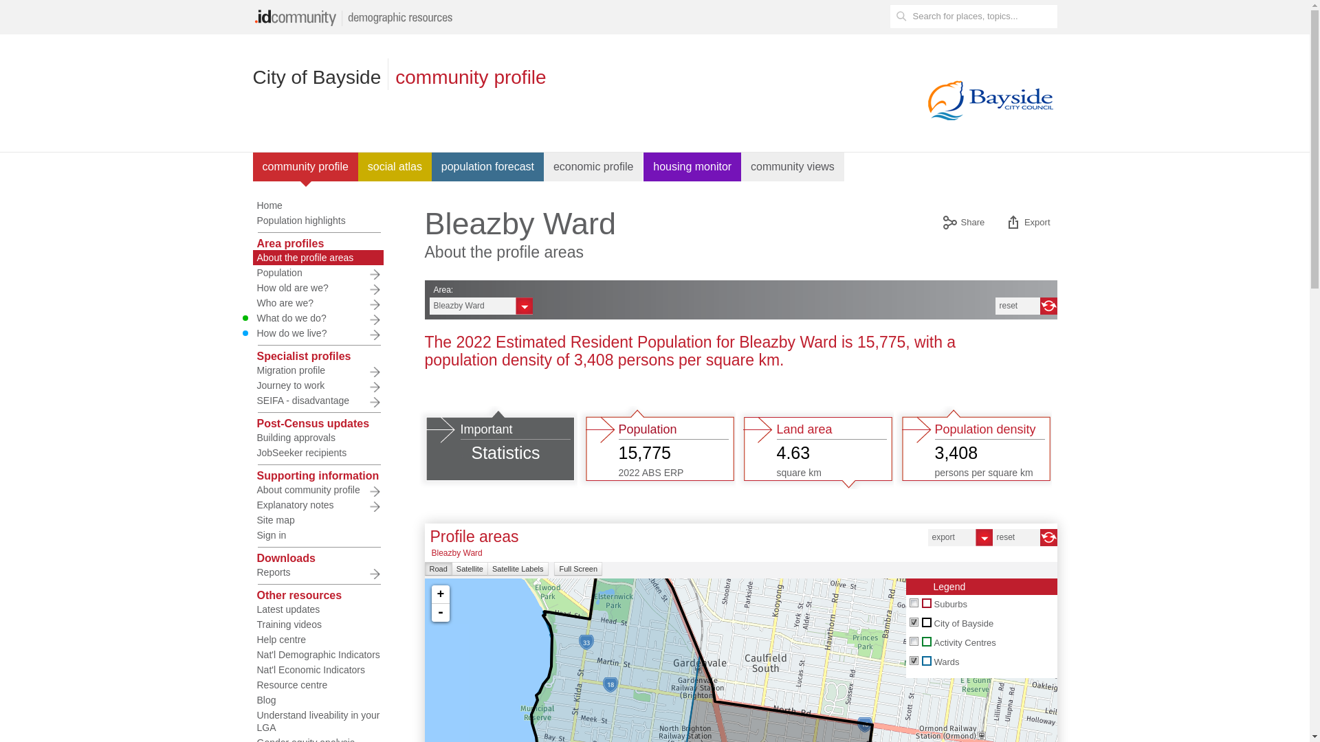 This screenshot has width=1320, height=742. What do you see at coordinates (317, 453) in the screenshot?
I see `'JobSeeker recipients'` at bounding box center [317, 453].